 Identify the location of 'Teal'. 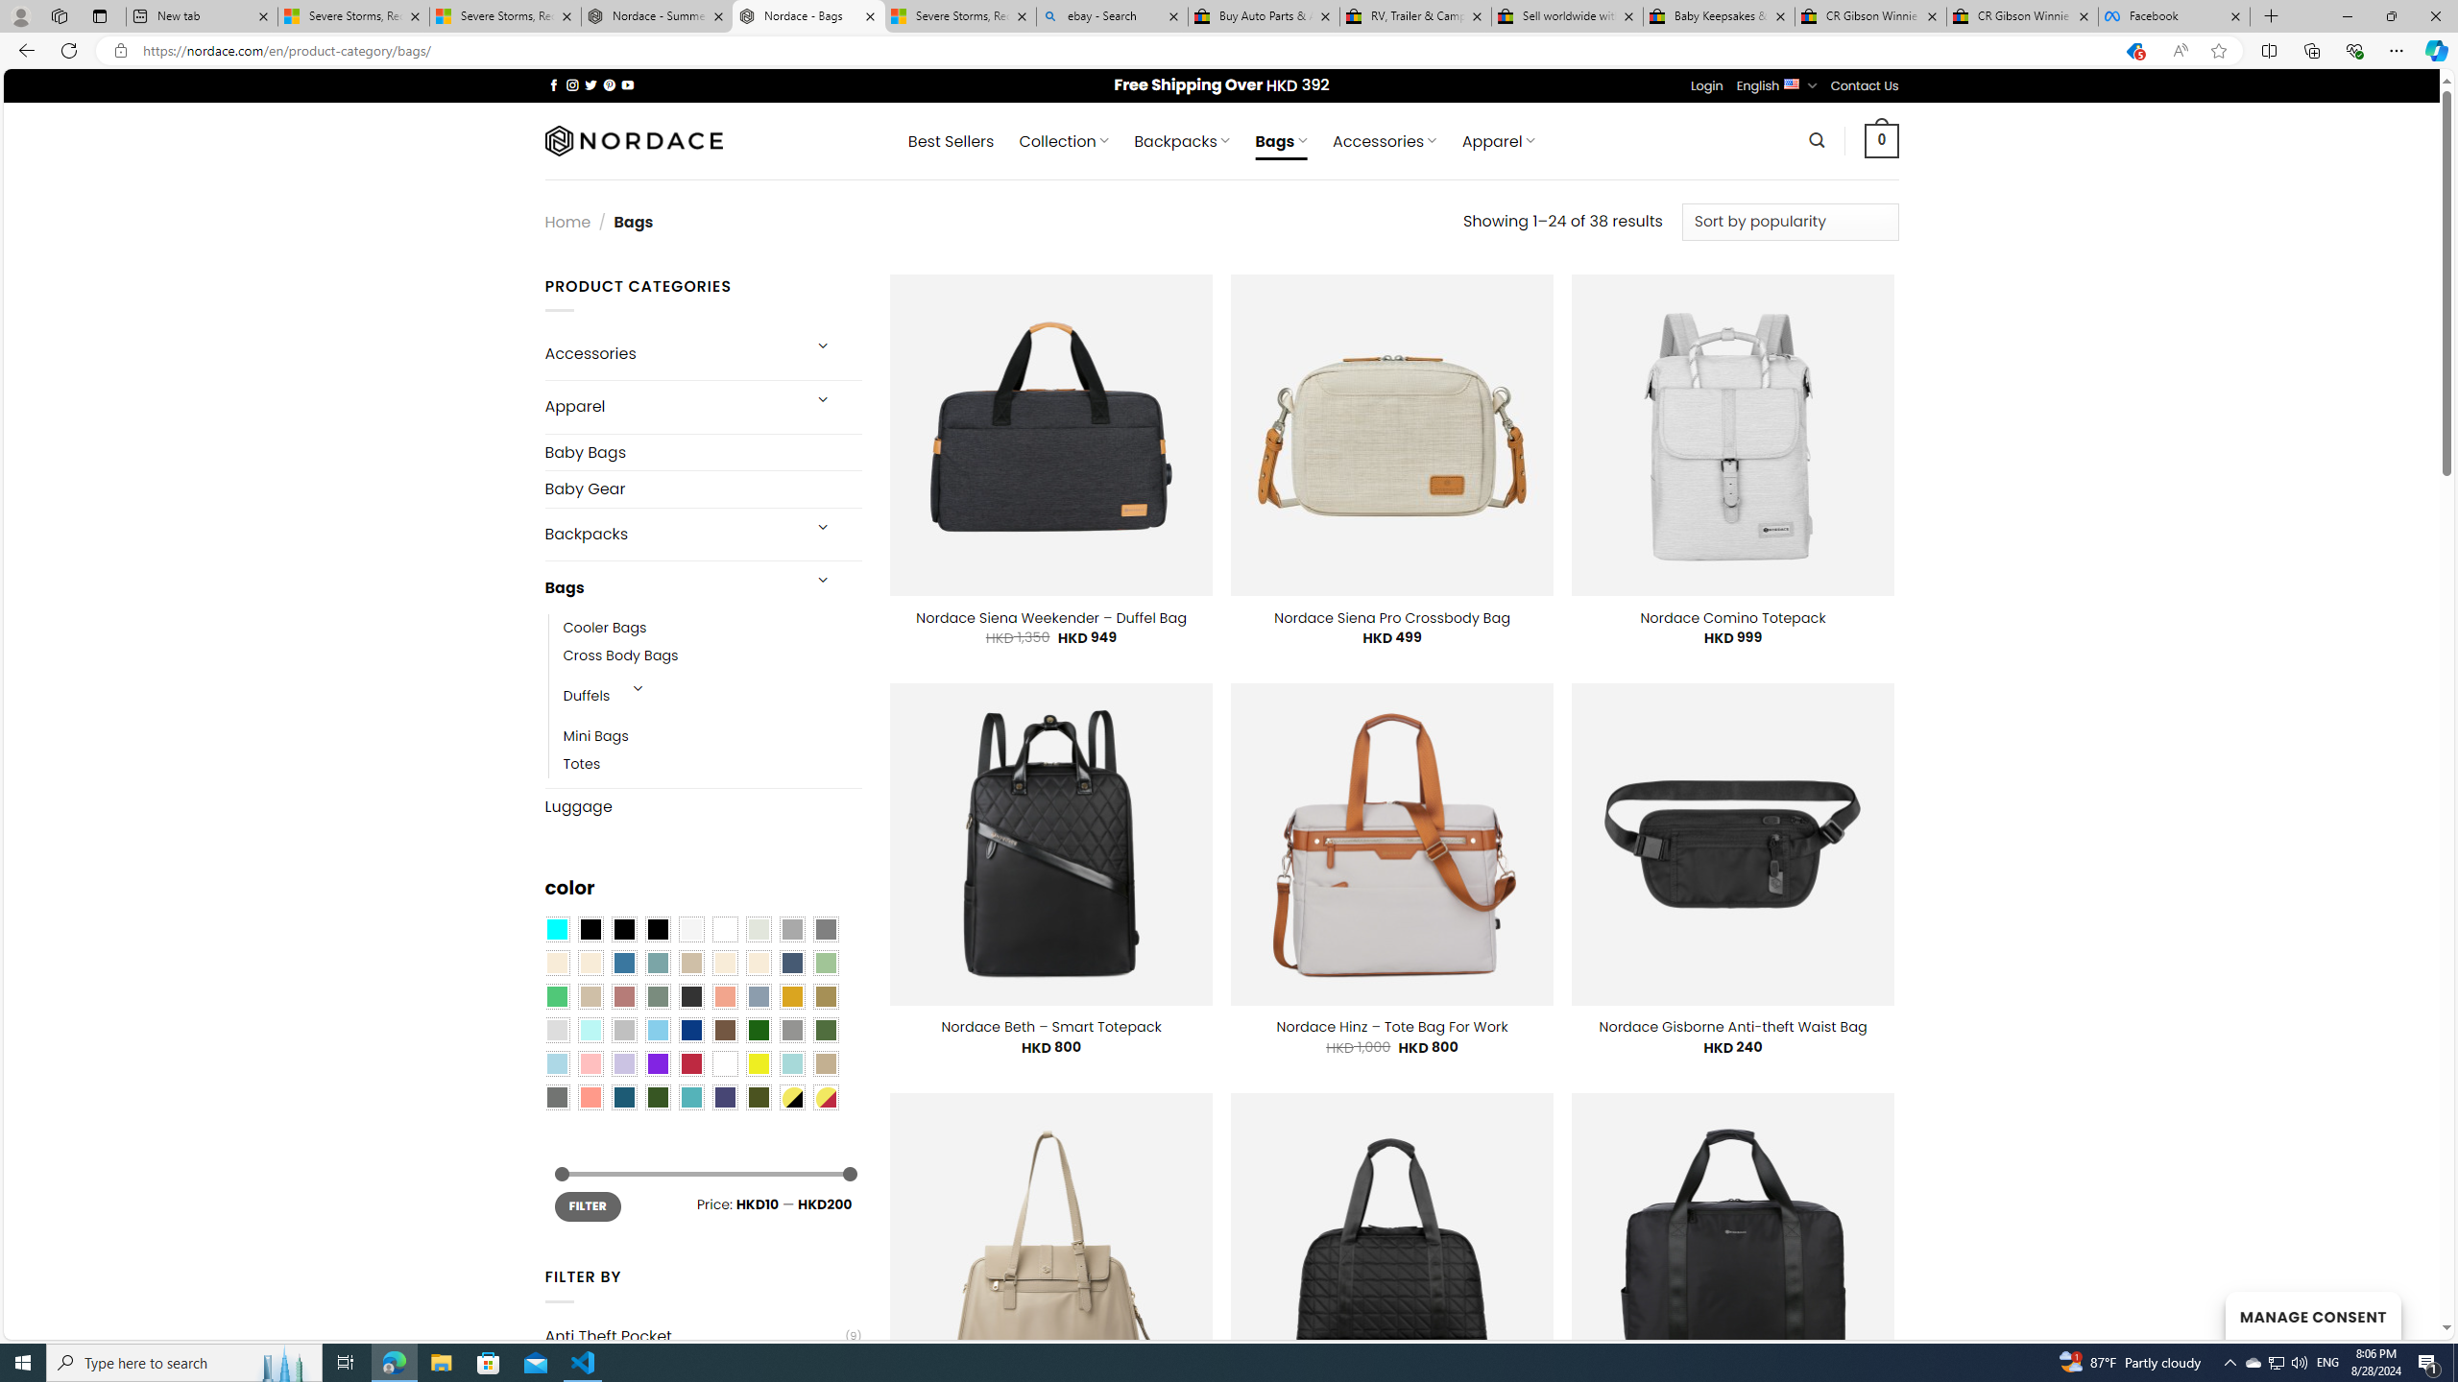
(689, 1096).